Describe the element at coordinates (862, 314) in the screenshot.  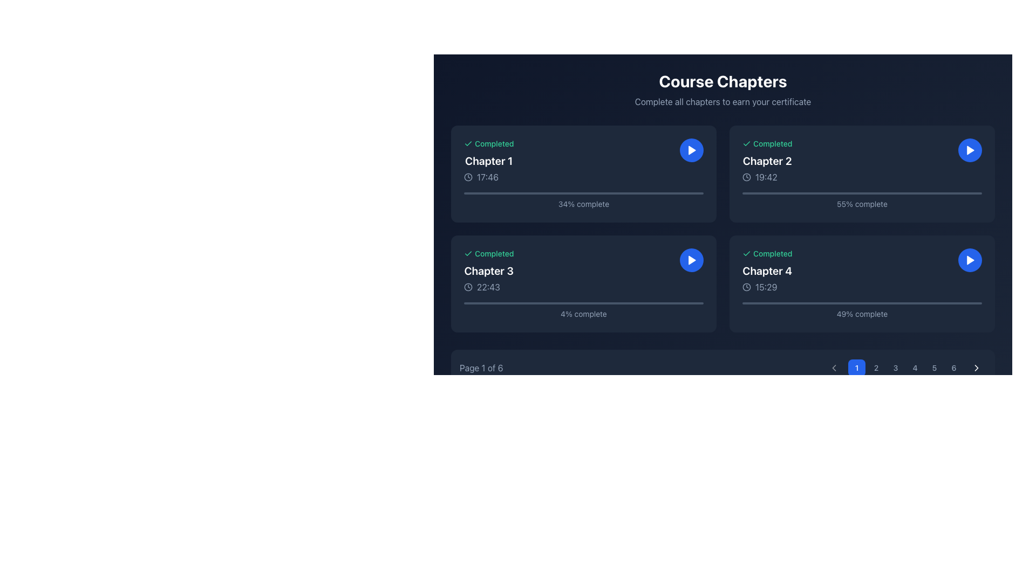
I see `the text label that displays the progress percentage for 'Chapter 4', located at the bottom of the 'Chapter 4' card` at that location.